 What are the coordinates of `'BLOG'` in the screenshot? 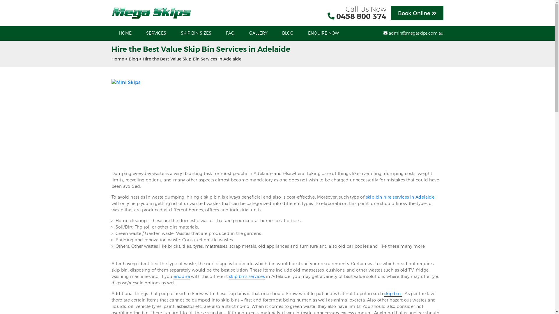 It's located at (288, 33).